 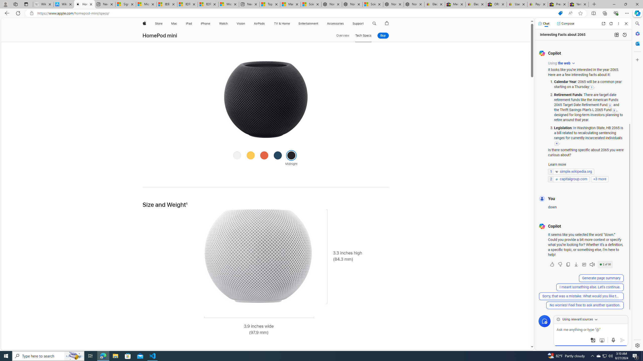 What do you see at coordinates (158, 23) in the screenshot?
I see `'Store'` at bounding box center [158, 23].